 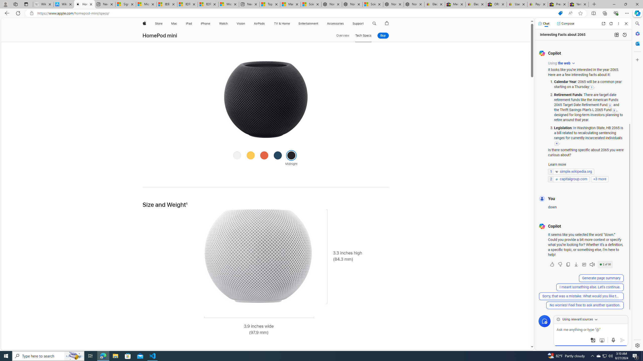 What do you see at coordinates (158, 23) in the screenshot?
I see `'Store'` at bounding box center [158, 23].